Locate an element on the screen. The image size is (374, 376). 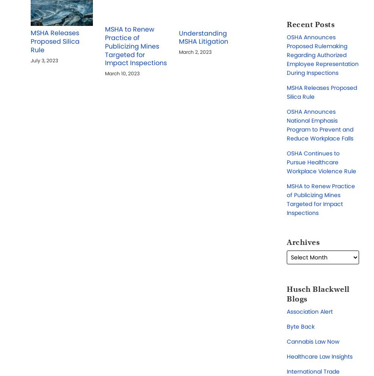
'Byte Back' is located at coordinates (286, 326).